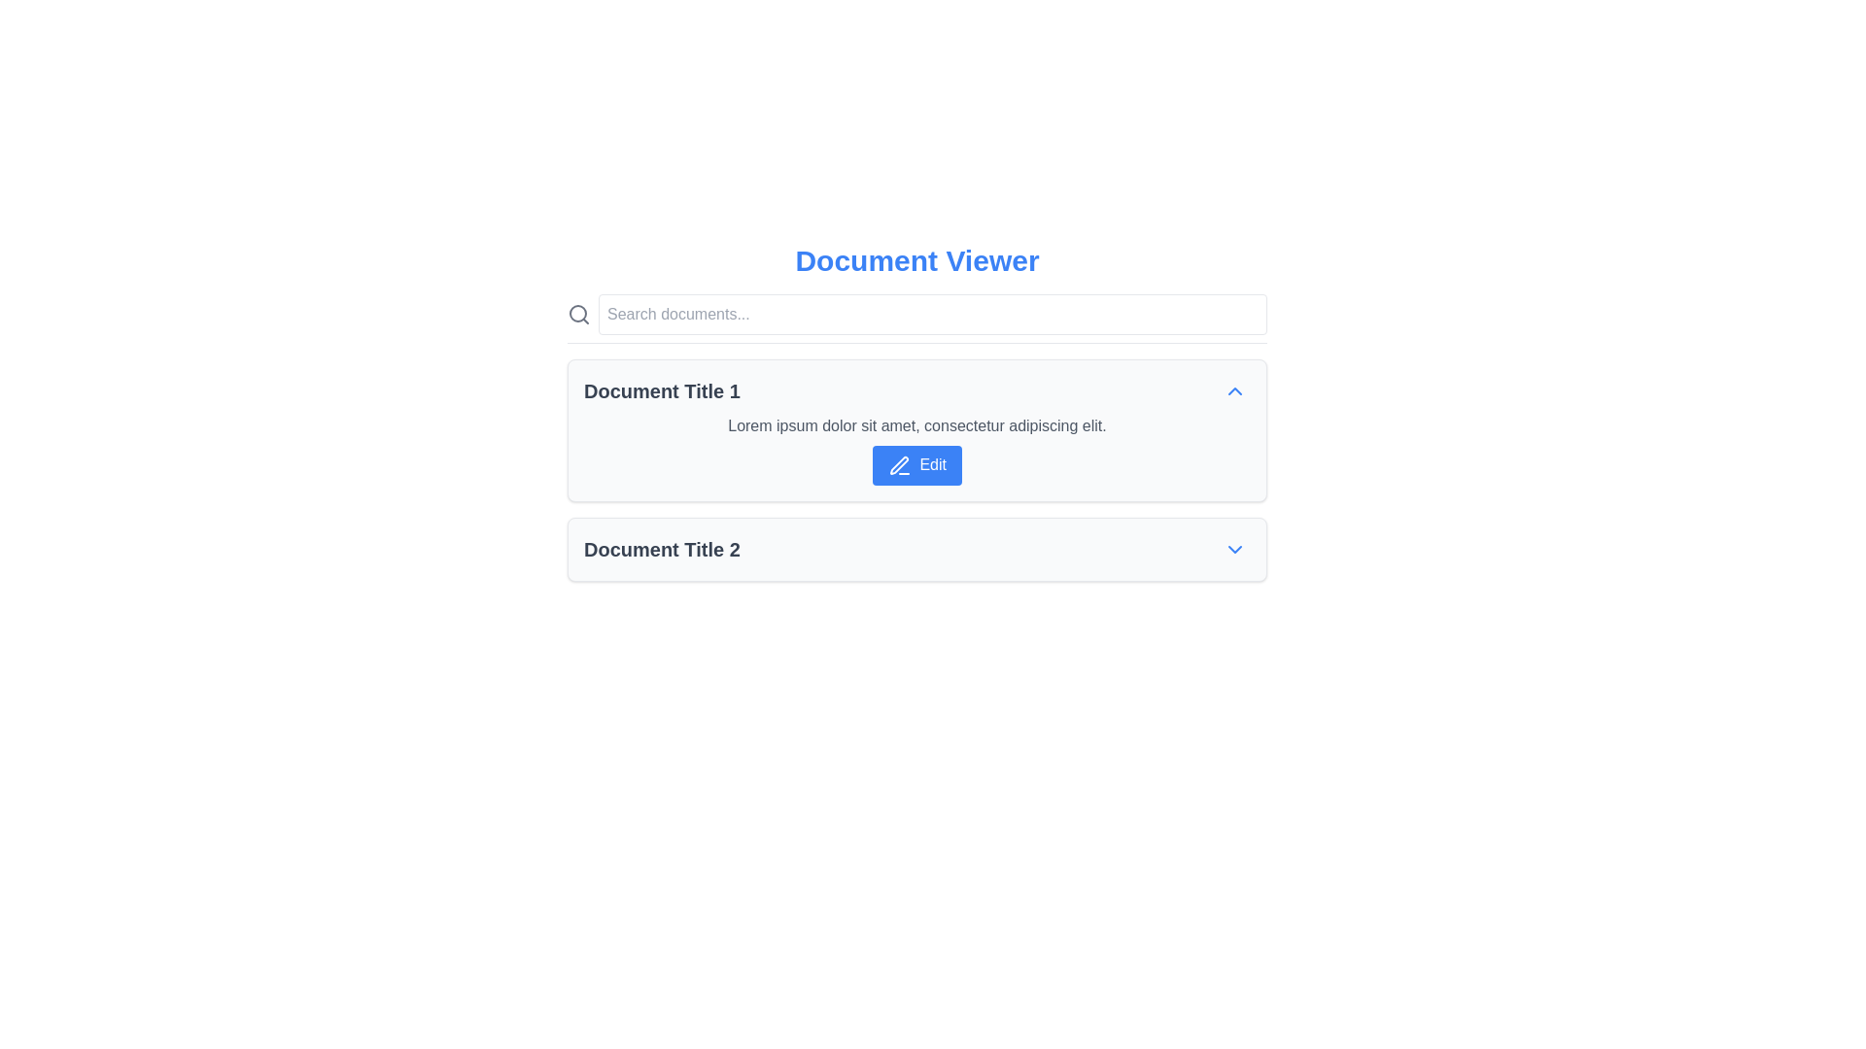 Image resolution: width=1866 pixels, height=1049 pixels. I want to click on the small blue and gray pen icon located above the 'Edit' button in the first document's visible section, so click(898, 465).